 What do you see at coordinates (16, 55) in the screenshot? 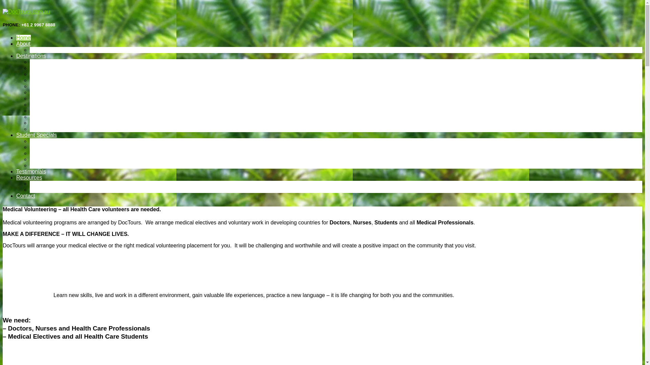
I see `'Destinations'` at bounding box center [16, 55].